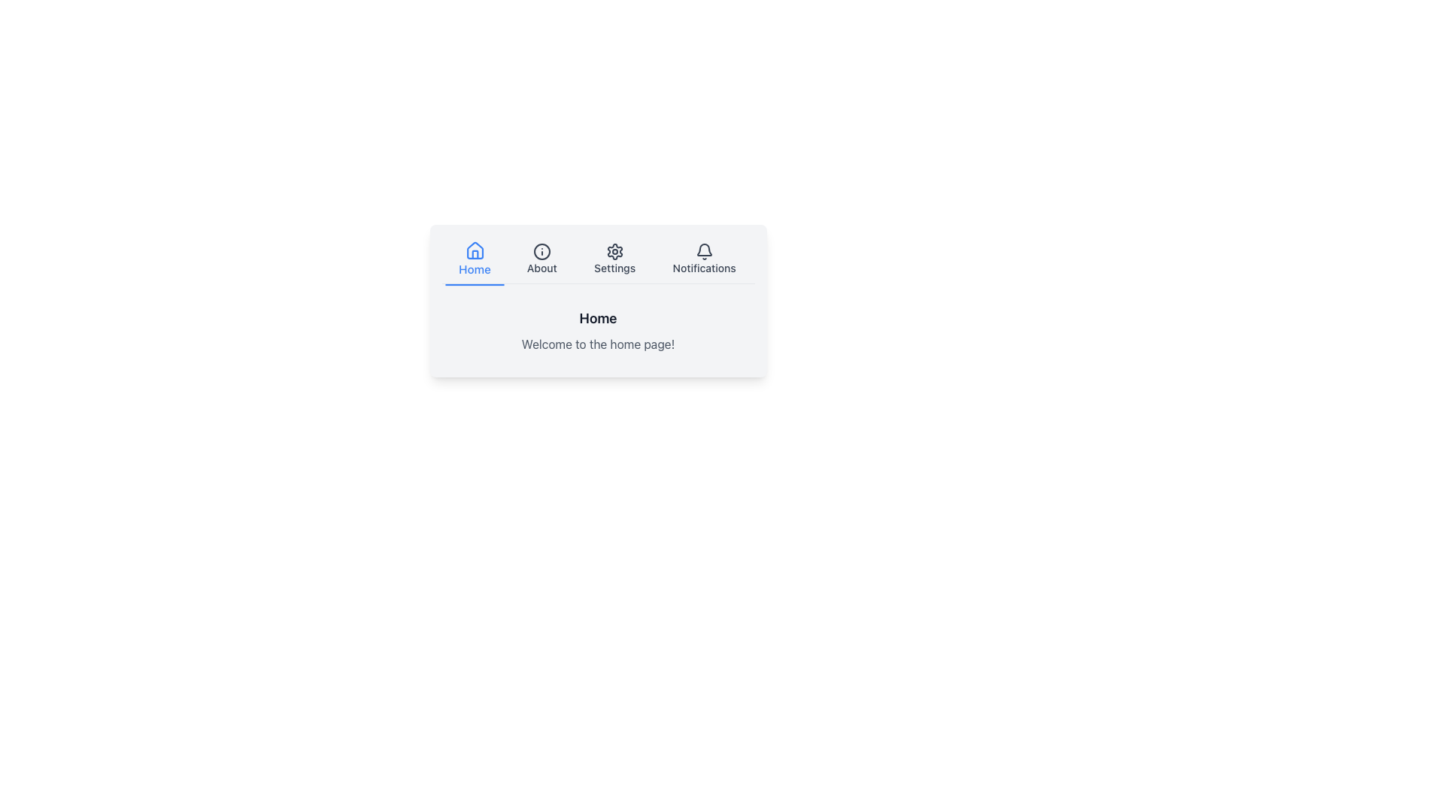 This screenshot has height=812, width=1444. Describe the element at coordinates (541, 251) in the screenshot. I see `the outer circular boundary of the 'About' icon in the navigation menu` at that location.